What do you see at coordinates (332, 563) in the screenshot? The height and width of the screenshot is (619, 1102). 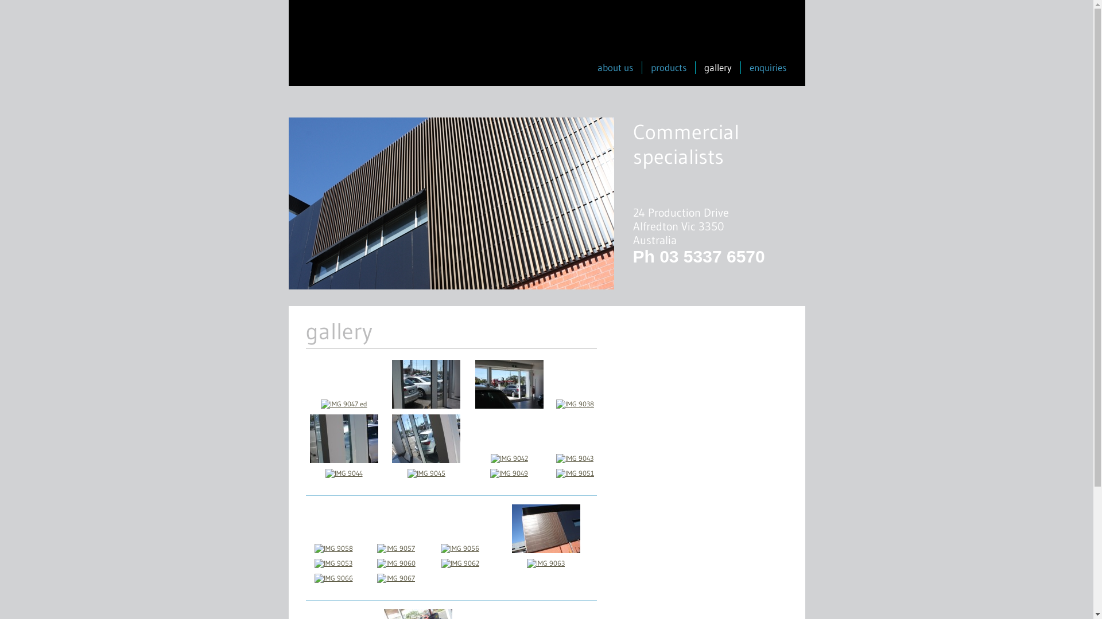 I see `'IMG 9053'` at bounding box center [332, 563].